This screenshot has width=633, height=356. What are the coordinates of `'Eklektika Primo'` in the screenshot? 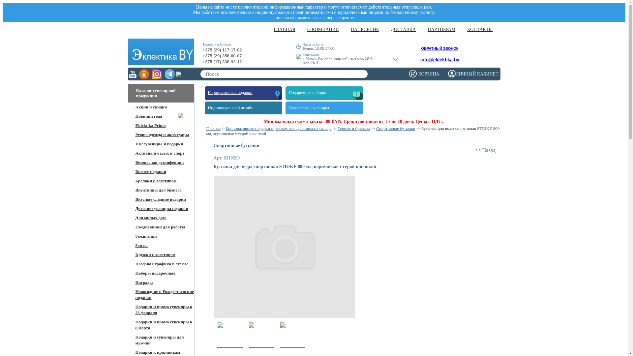 It's located at (150, 125).